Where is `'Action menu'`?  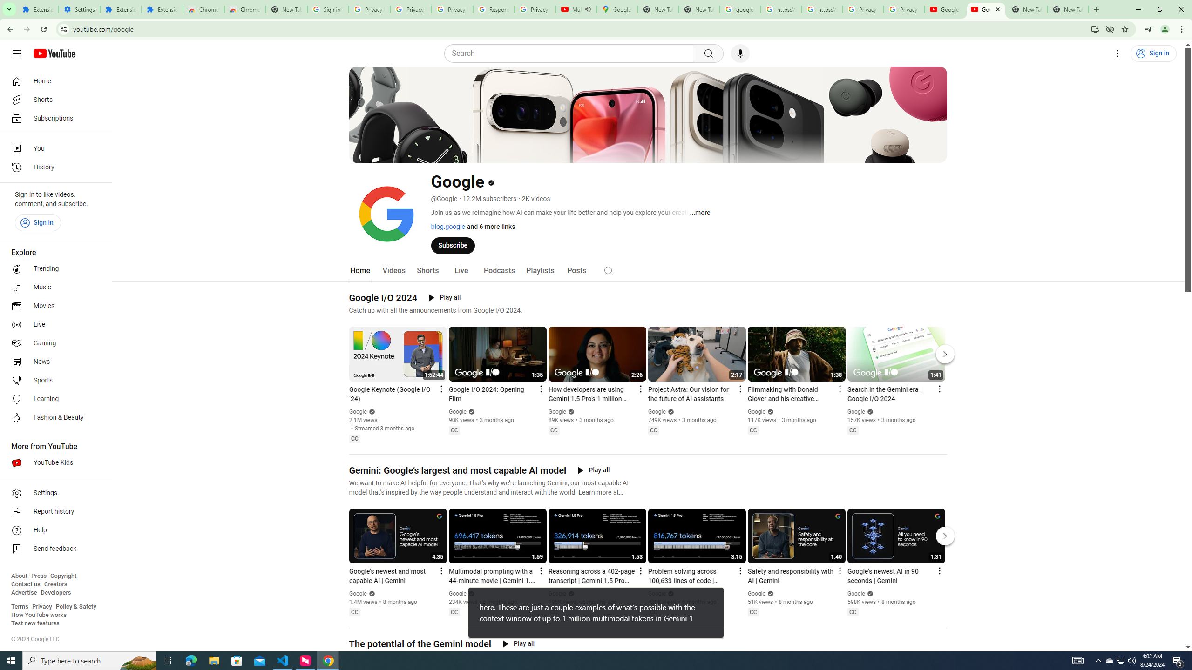 'Action menu' is located at coordinates (939, 570).